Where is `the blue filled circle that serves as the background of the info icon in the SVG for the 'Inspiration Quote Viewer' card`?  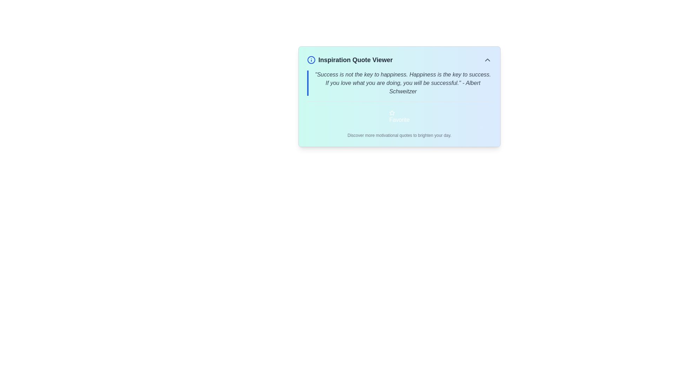 the blue filled circle that serves as the background of the info icon in the SVG for the 'Inspiration Quote Viewer' card is located at coordinates (311, 59).